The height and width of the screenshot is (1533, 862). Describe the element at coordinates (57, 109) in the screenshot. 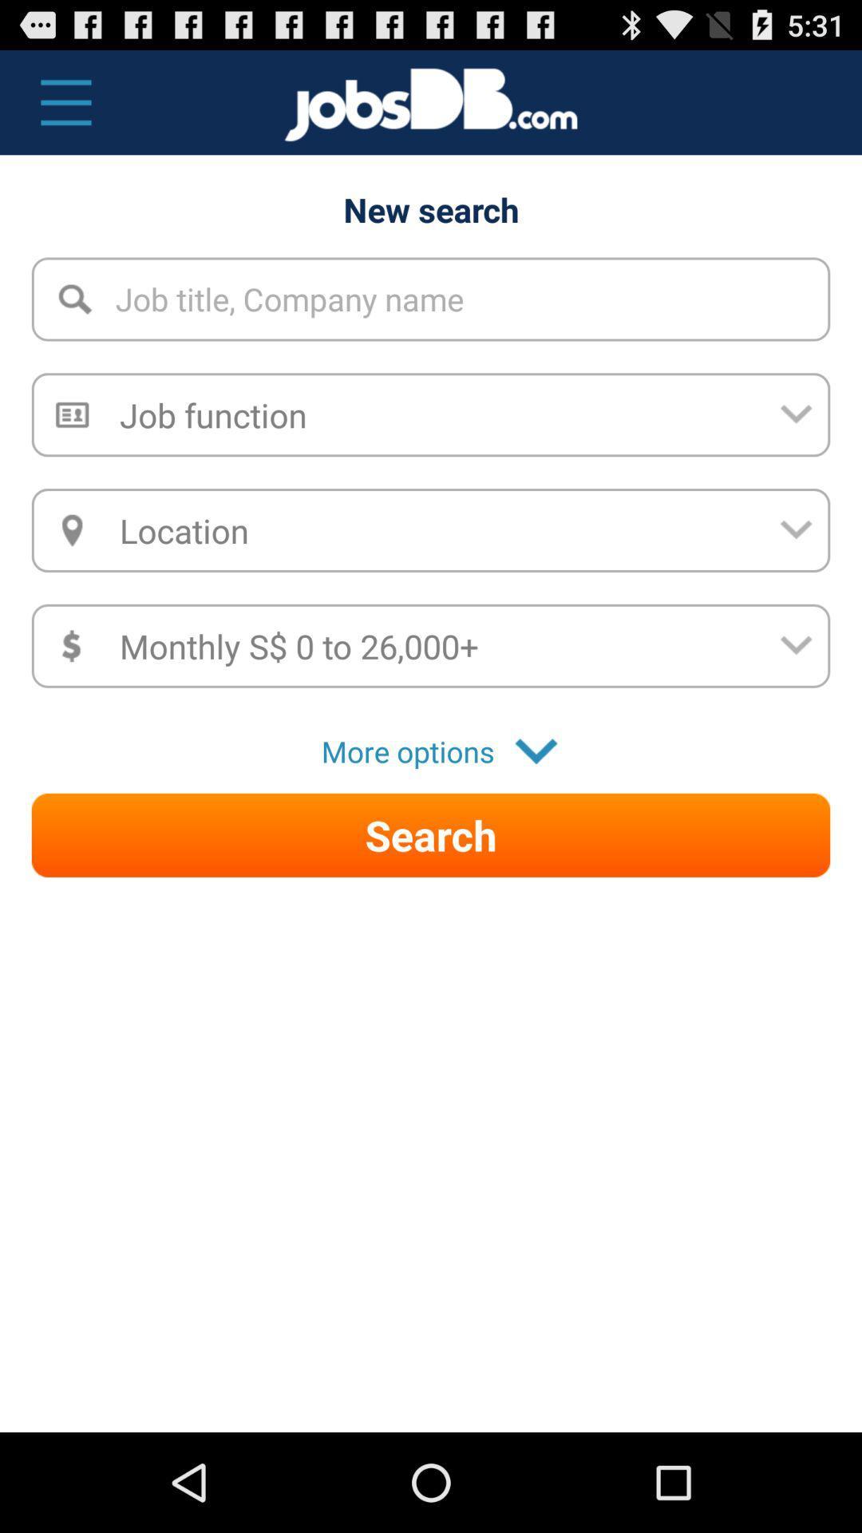

I see `the menu icon` at that location.